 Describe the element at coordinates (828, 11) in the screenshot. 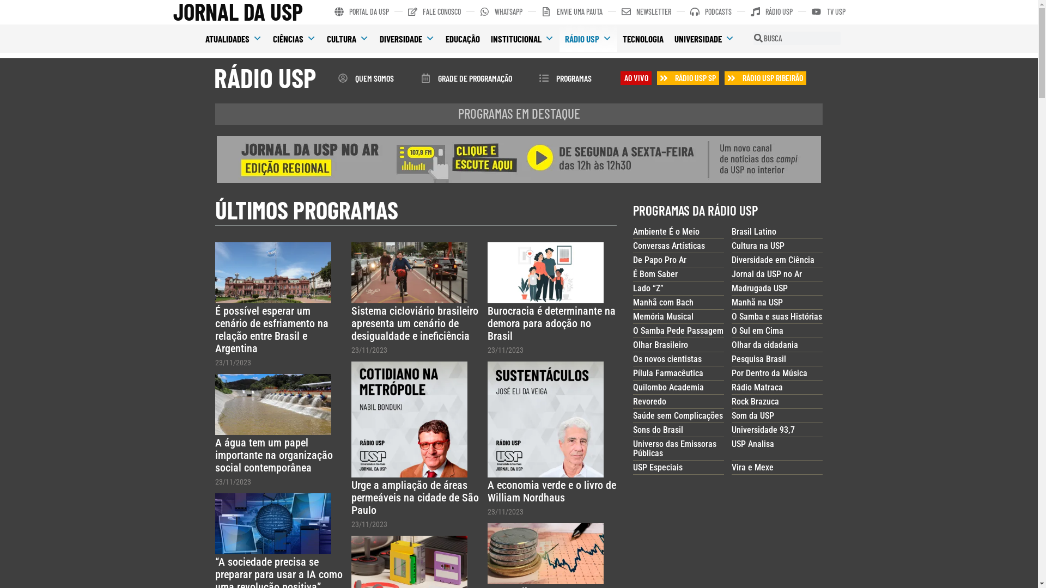

I see `'TV USP'` at that location.